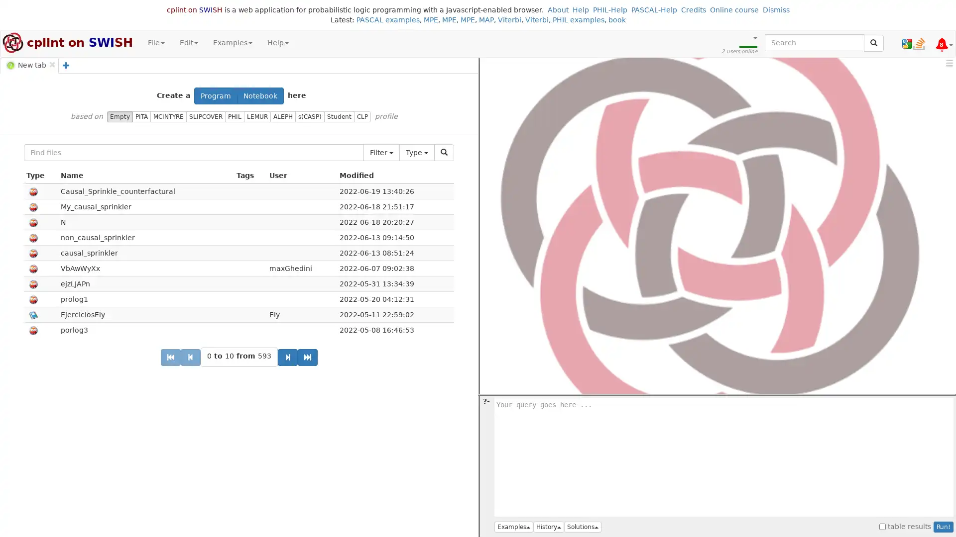 This screenshot has height=537, width=956. I want to click on Program, so click(215, 95).